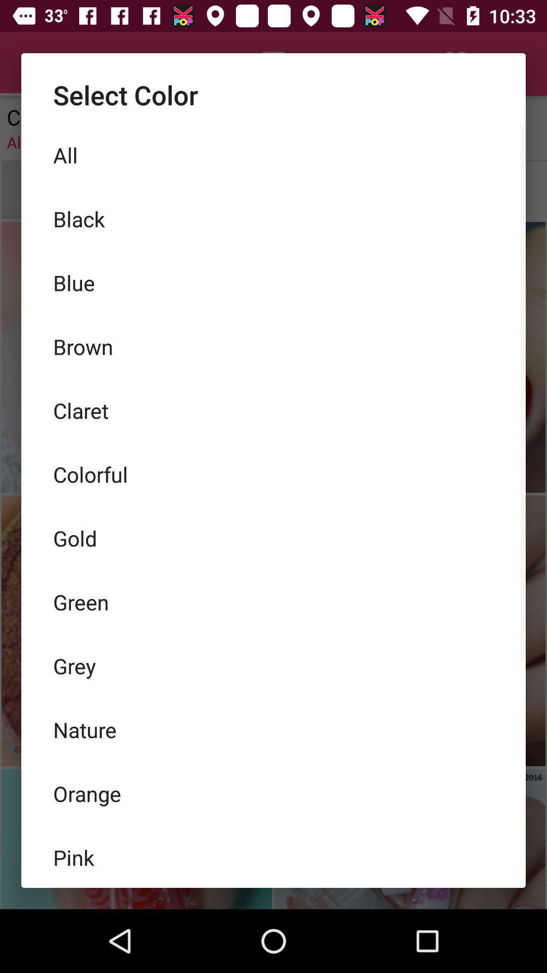 The height and width of the screenshot is (973, 547). Describe the element at coordinates (273, 666) in the screenshot. I see `the grey icon` at that location.